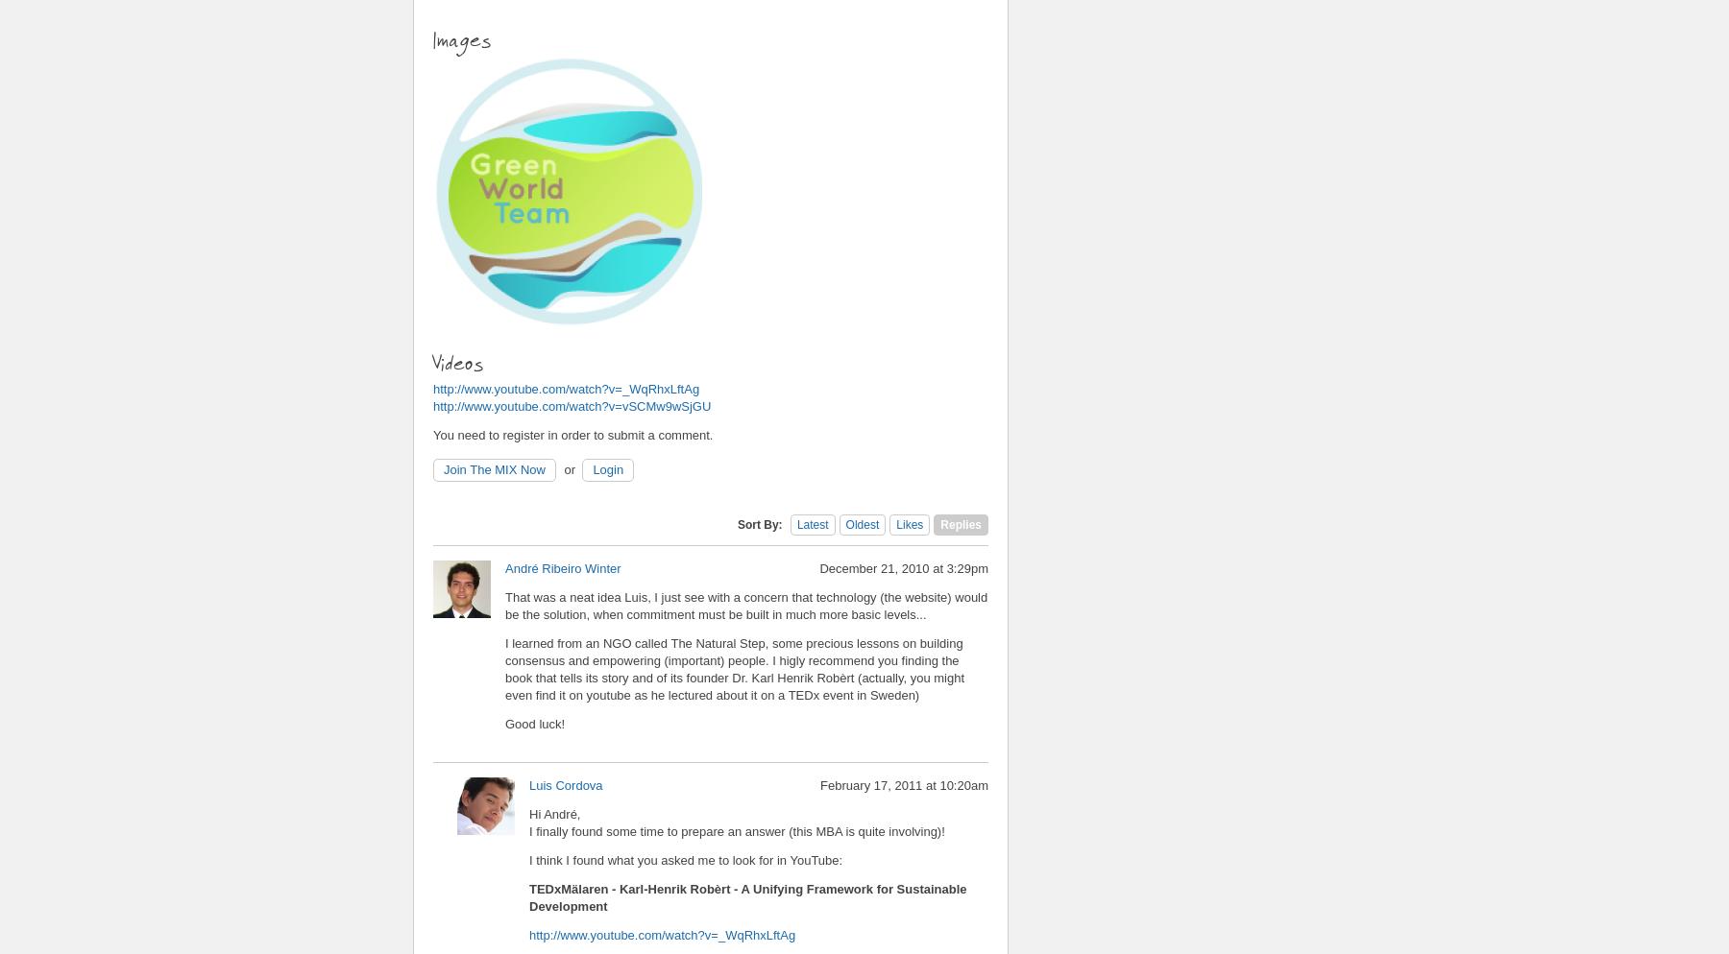  I want to click on 'André Ribeiro Winter', so click(563, 567).